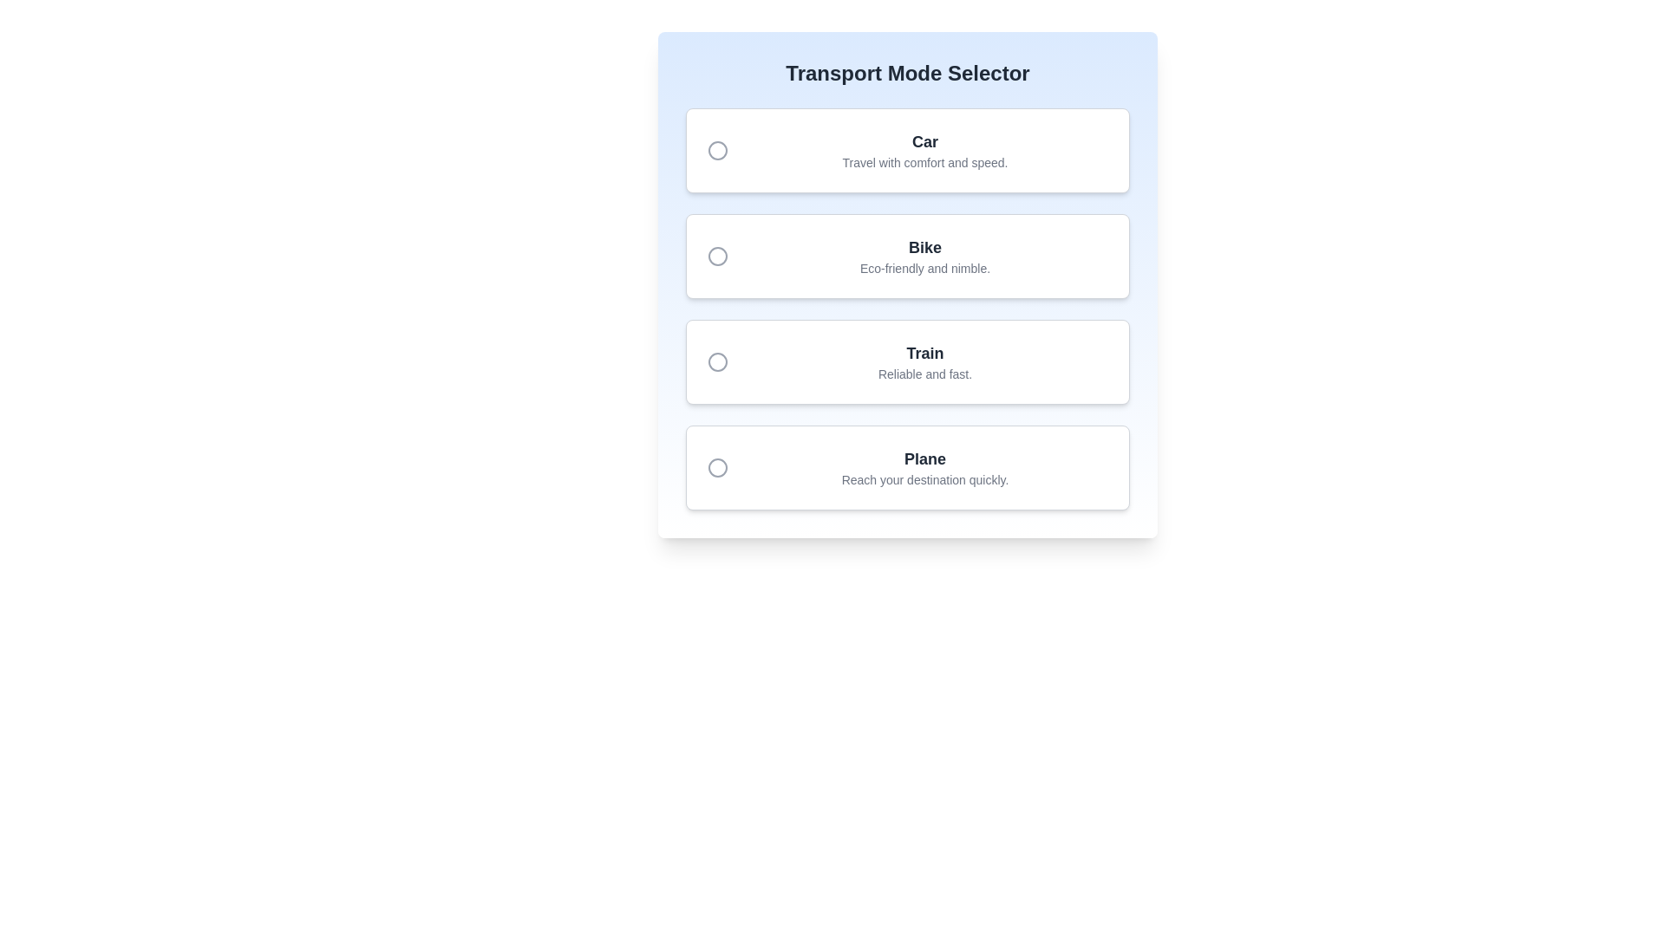  What do you see at coordinates (924, 480) in the screenshot?
I see `the descriptive text block explaining the feature of the transport mode 'Plane', located at the bottom of the card structure under the label 'Plane'` at bounding box center [924, 480].